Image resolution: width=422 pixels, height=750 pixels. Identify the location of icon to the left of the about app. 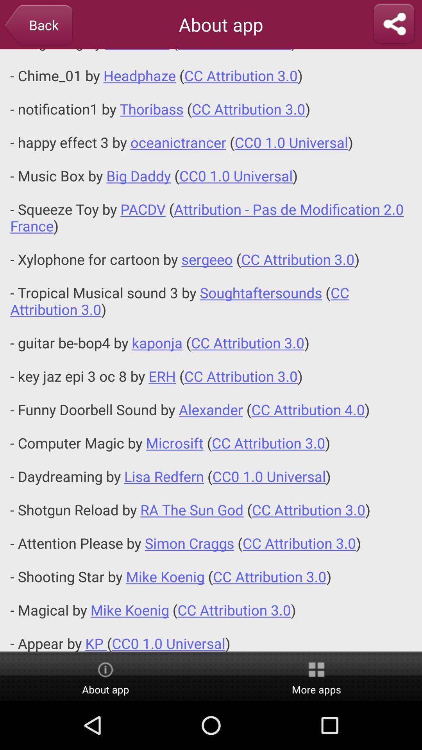
(38, 26).